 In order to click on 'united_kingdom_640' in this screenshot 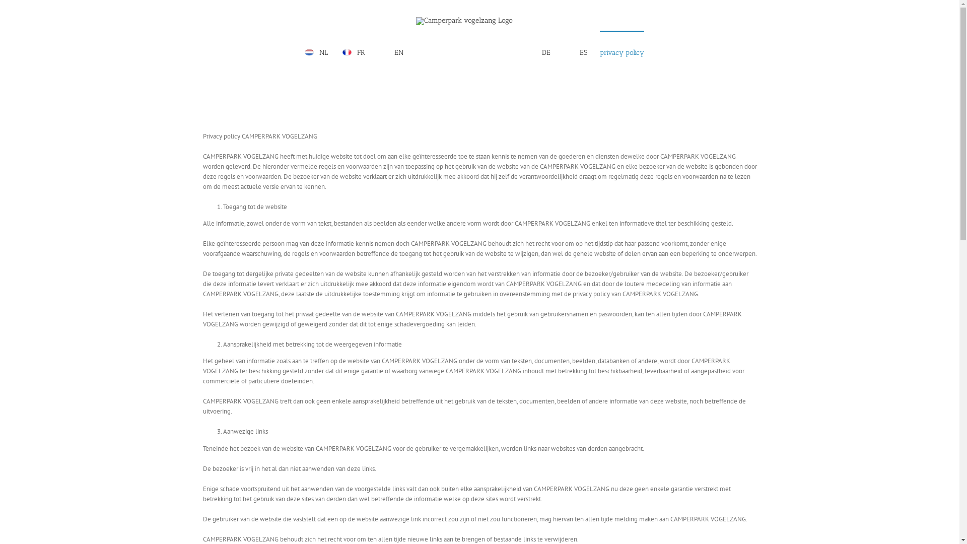, I will do `click(384, 52)`.